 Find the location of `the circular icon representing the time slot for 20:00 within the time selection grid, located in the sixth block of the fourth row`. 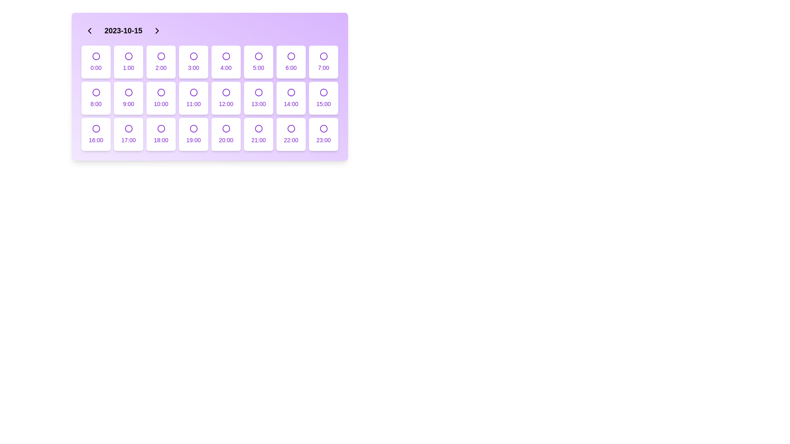

the circular icon representing the time slot for 20:00 within the time selection grid, located in the sixth block of the fourth row is located at coordinates (226, 128).